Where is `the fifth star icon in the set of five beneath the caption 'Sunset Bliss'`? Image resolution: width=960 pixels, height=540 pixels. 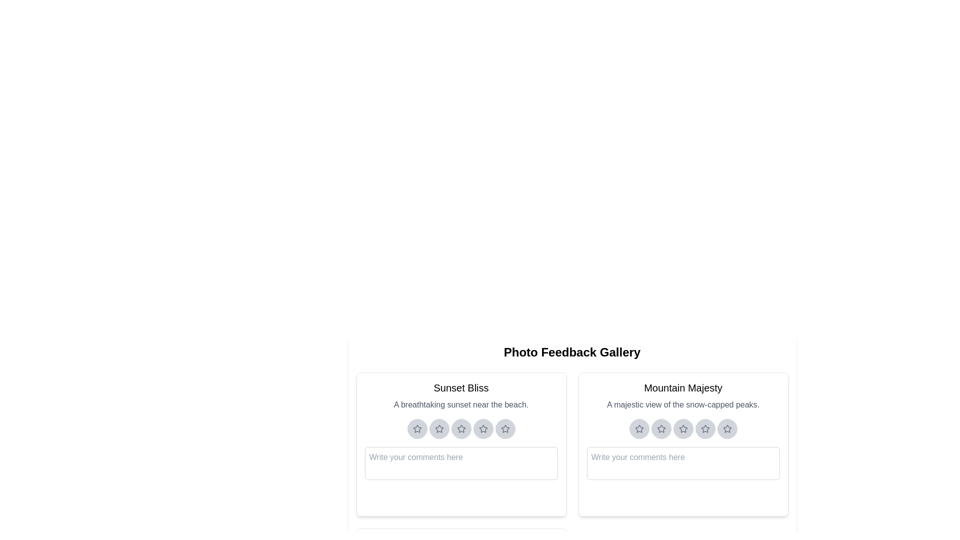
the fifth star icon in the set of five beneath the caption 'Sunset Bliss' is located at coordinates (505, 428).